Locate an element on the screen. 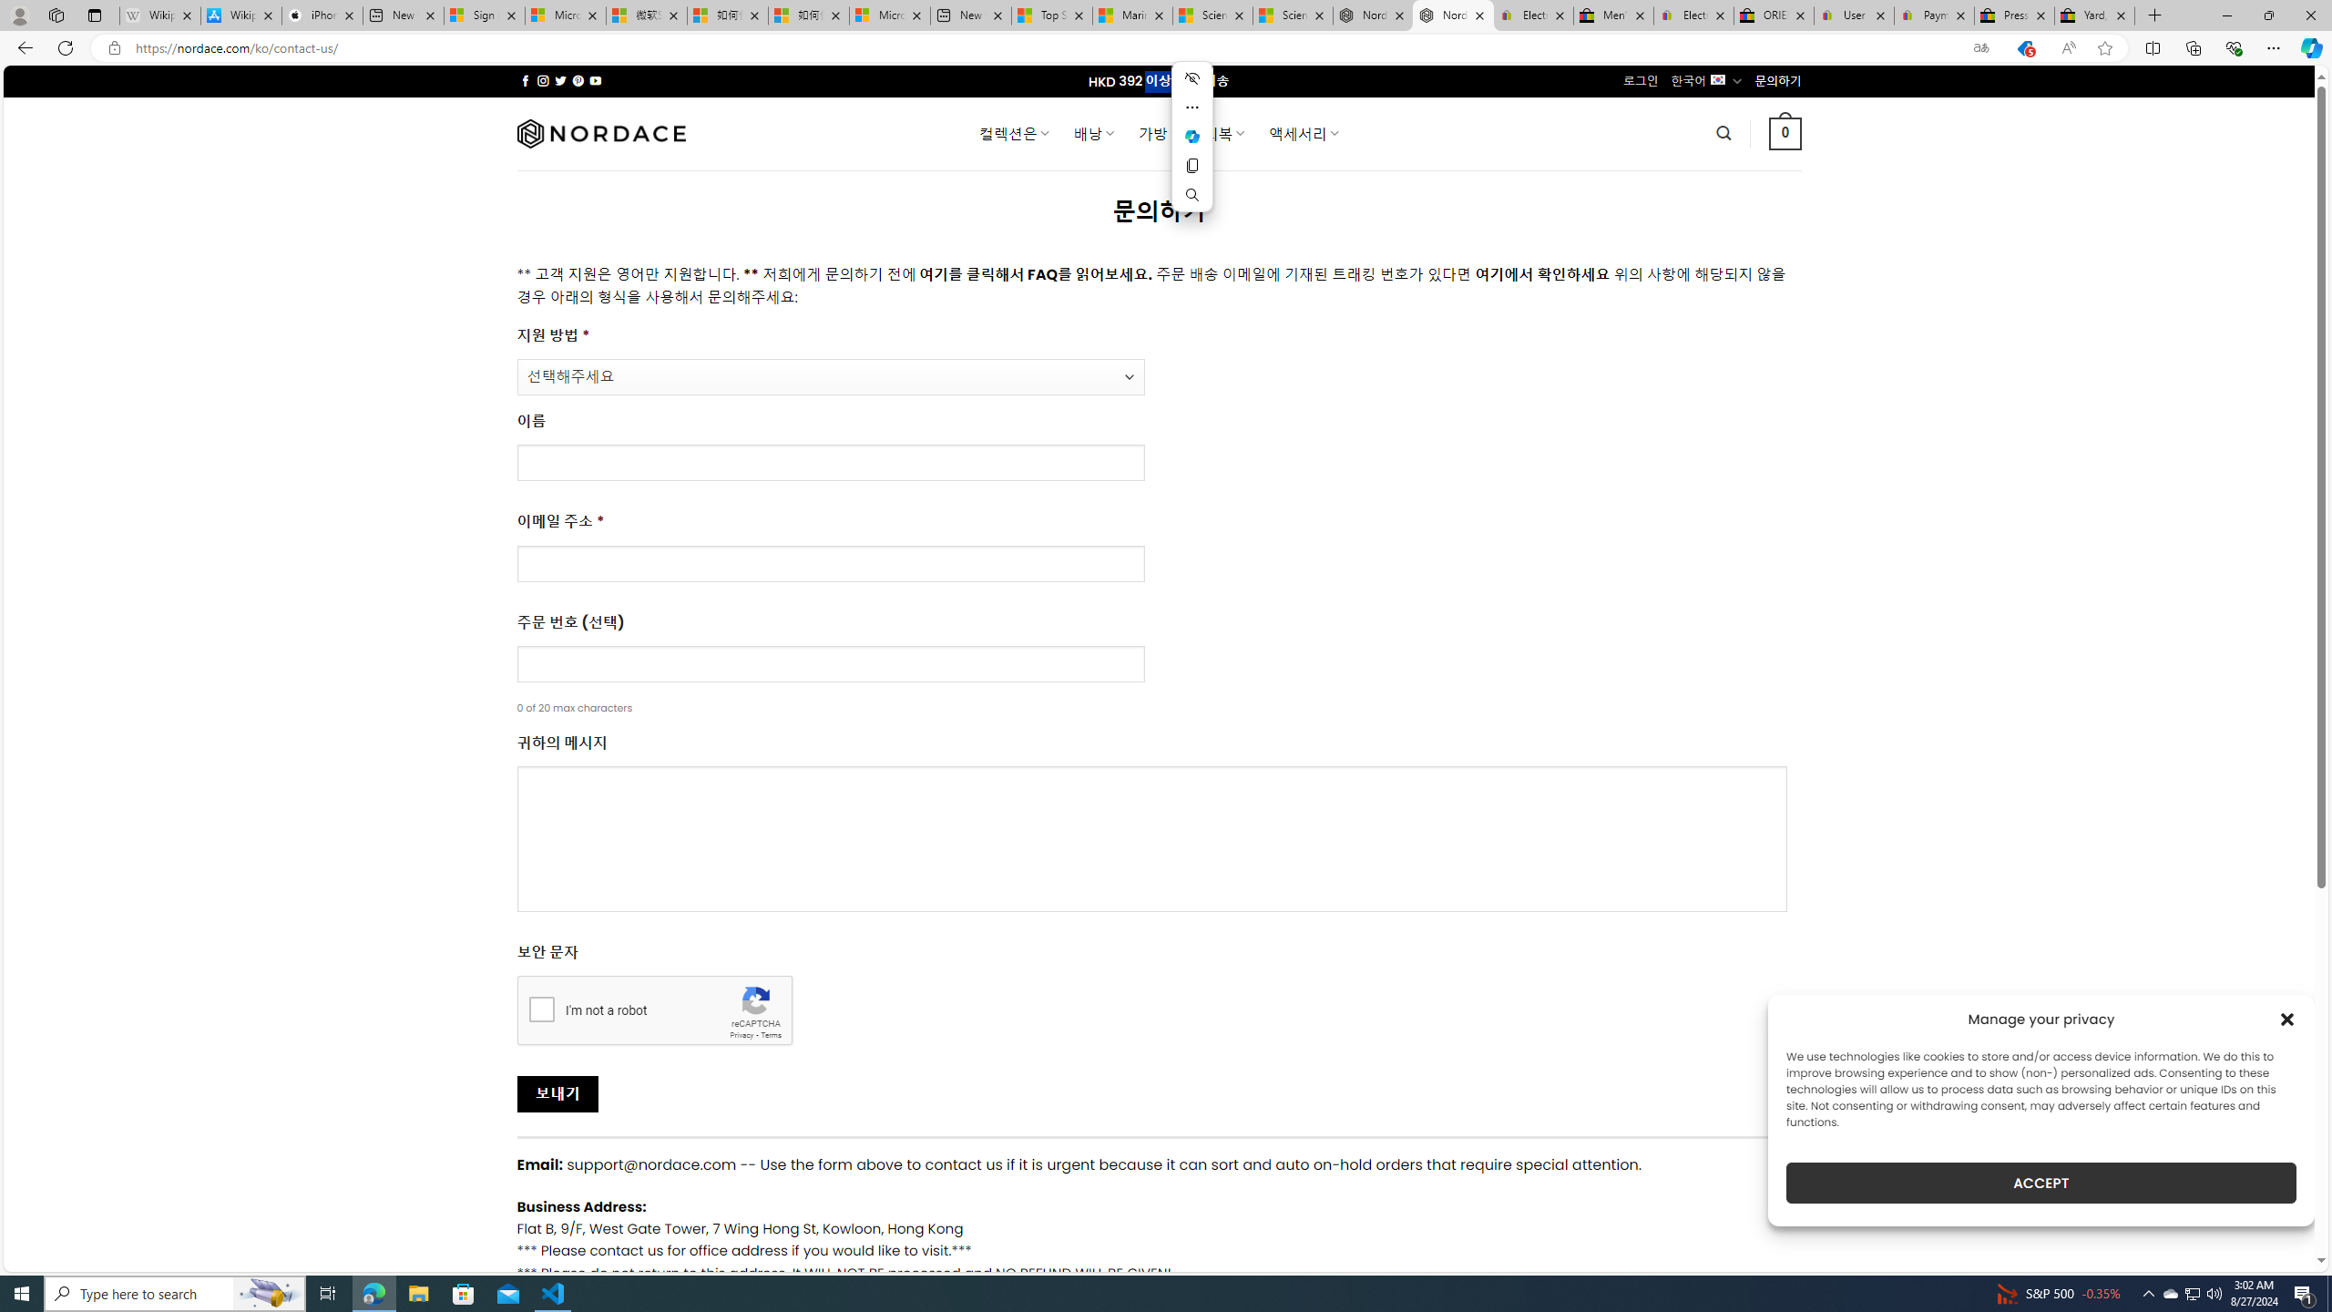 This screenshot has width=2332, height=1312. 'New Tab' is located at coordinates (2154, 15).